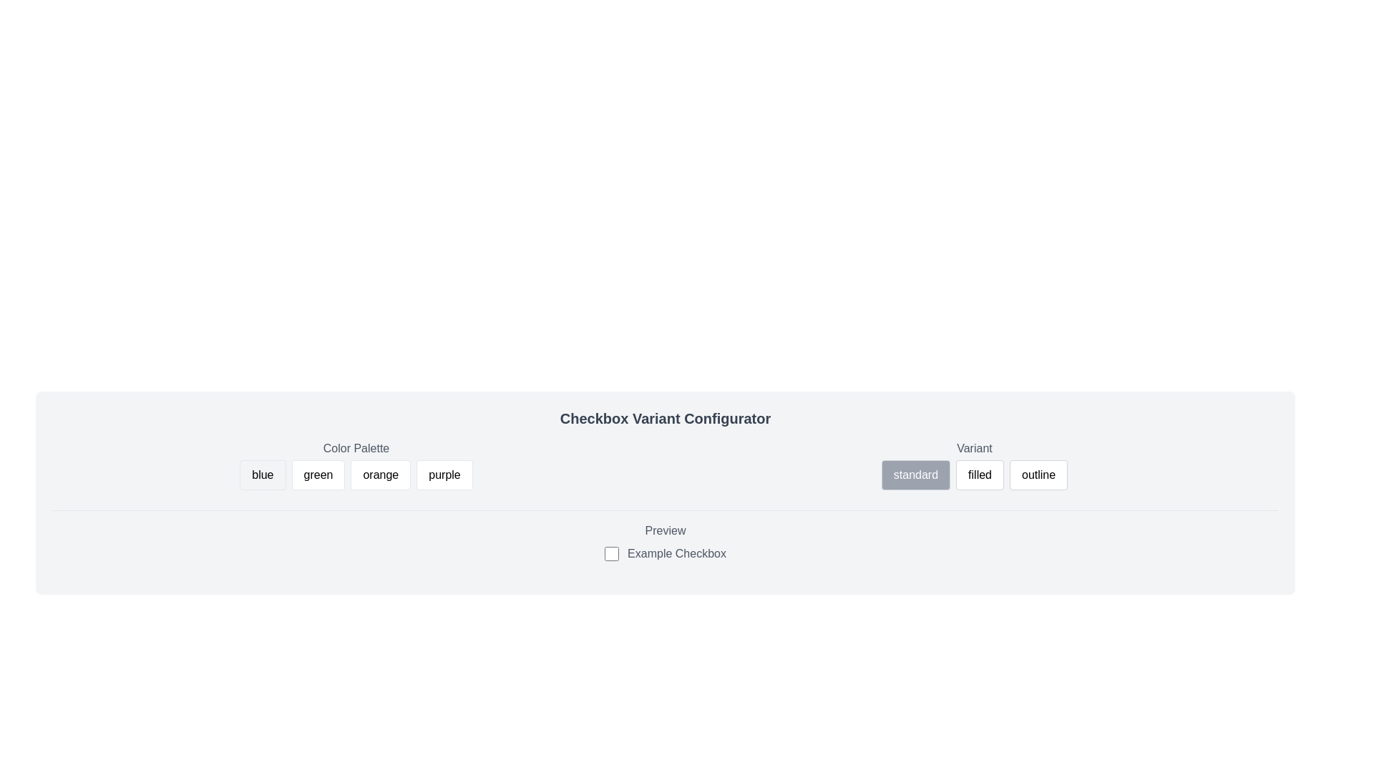 Image resolution: width=1374 pixels, height=773 pixels. I want to click on the 'filled' button, which is the second button in the 'Variant' group under the 'Checkbox Variant Configurator' heading, so click(974, 466).